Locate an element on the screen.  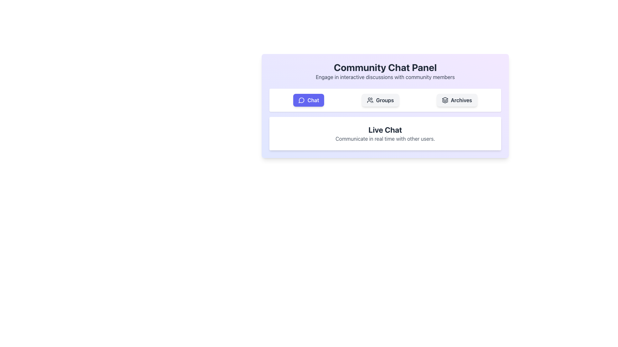
the informational label group that presents the live chat functionality, located centrally within the white card section below the buttons 'Chat,' 'Groups,' and 'Archives.' is located at coordinates (385, 133).